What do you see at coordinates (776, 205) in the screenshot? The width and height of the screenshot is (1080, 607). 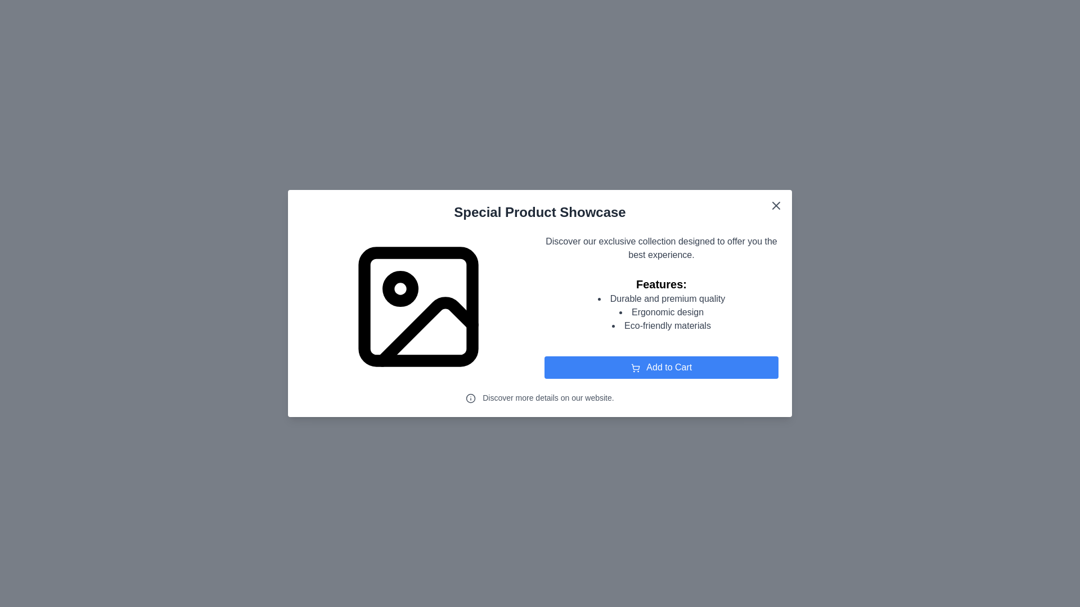 I see `the slanted cross icon in the top-right corner of the floating dialog box, which is used for closing dialogs` at bounding box center [776, 205].